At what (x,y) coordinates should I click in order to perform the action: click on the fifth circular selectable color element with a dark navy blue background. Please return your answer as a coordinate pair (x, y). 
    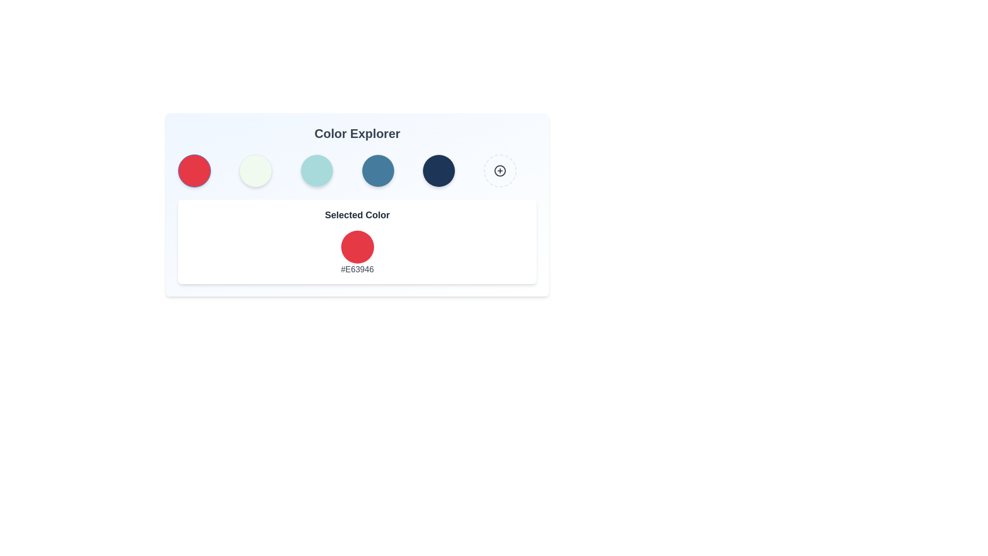
    Looking at the image, I should click on (439, 170).